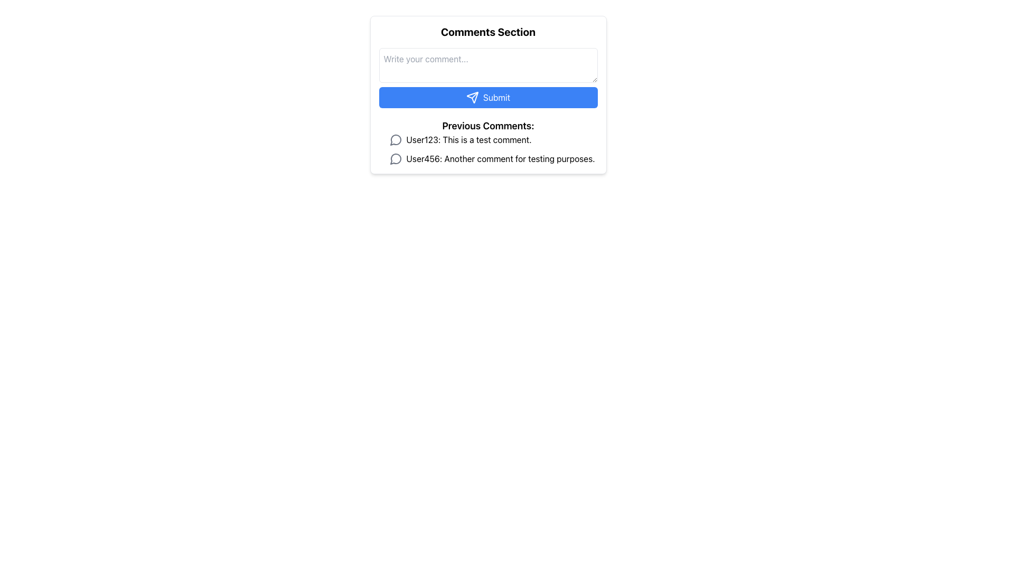 The width and height of the screenshot is (1014, 570). Describe the element at coordinates (395, 158) in the screenshot. I see `the speech bubble icon with a gray outline located in the 'Previous Comments' section, adjacent to the comment text 'User456: Another comment for testing purposes.'` at that location.